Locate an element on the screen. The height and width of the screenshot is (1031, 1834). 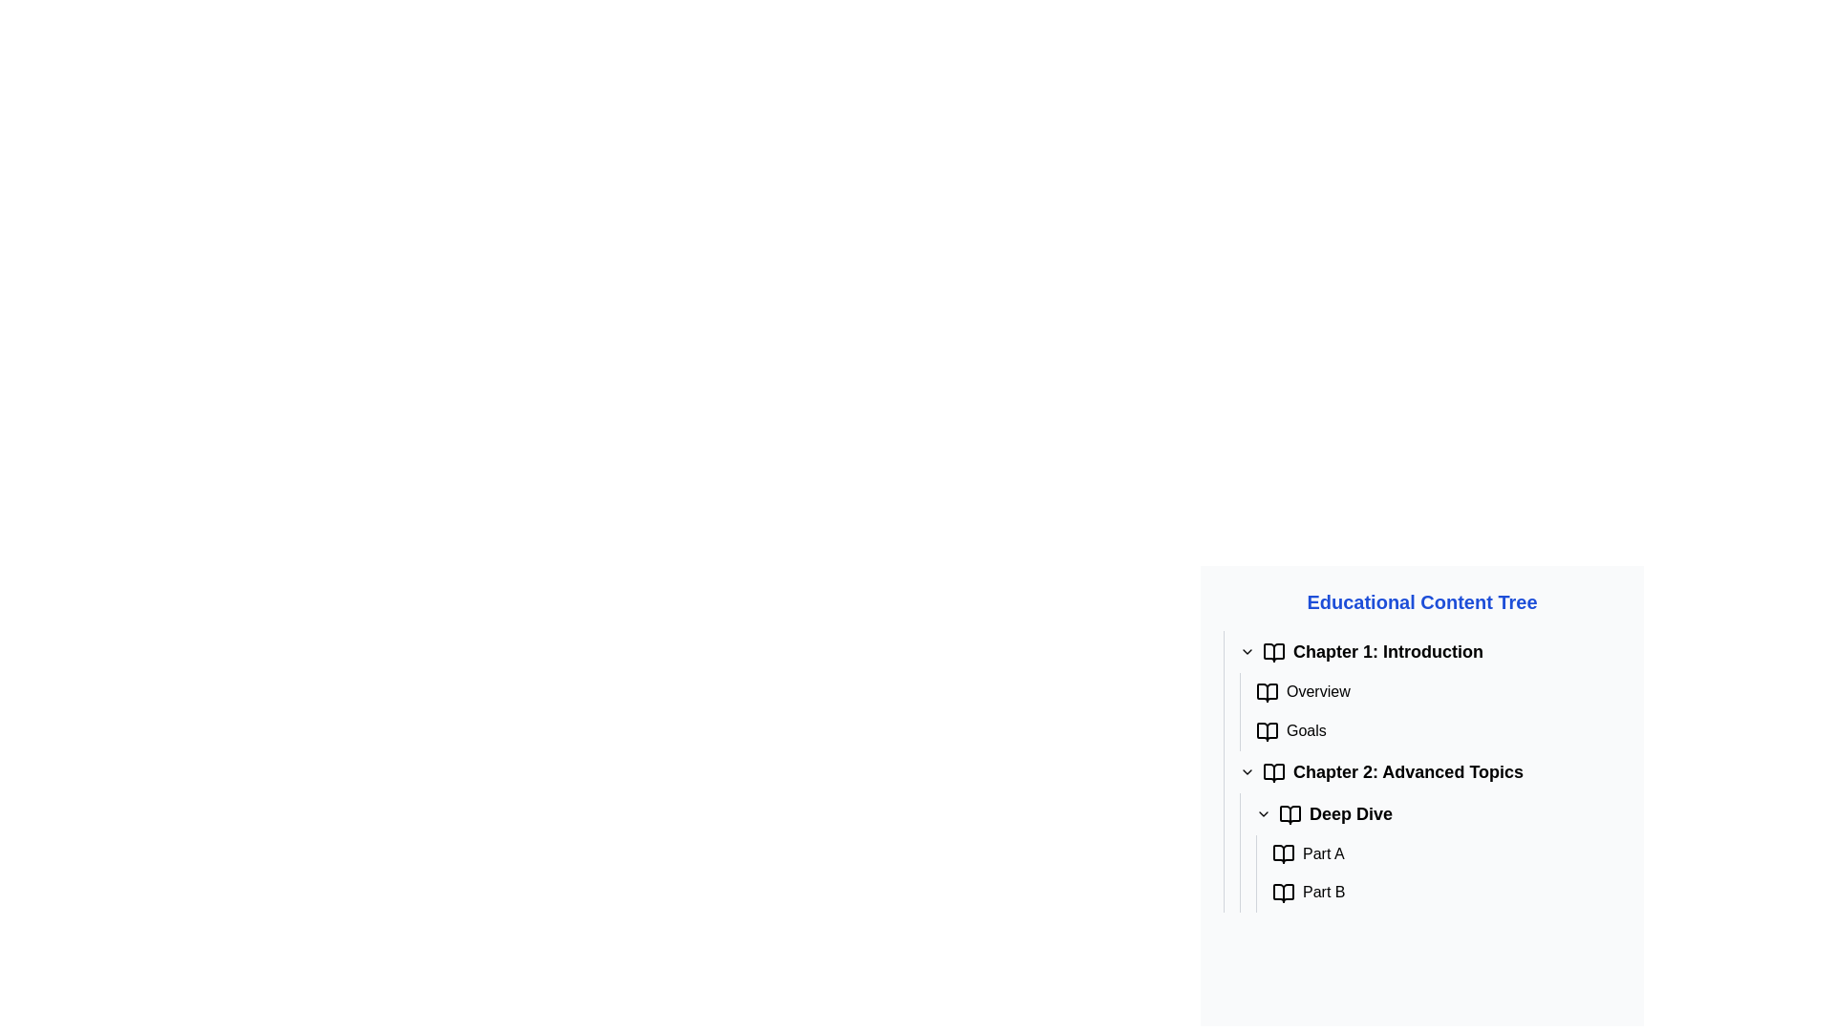
the 'Overview' text label, which is the first item under the 'Chapter 1: Introduction' section in the 'Educational Content Tree' is located at coordinates (1302, 692).